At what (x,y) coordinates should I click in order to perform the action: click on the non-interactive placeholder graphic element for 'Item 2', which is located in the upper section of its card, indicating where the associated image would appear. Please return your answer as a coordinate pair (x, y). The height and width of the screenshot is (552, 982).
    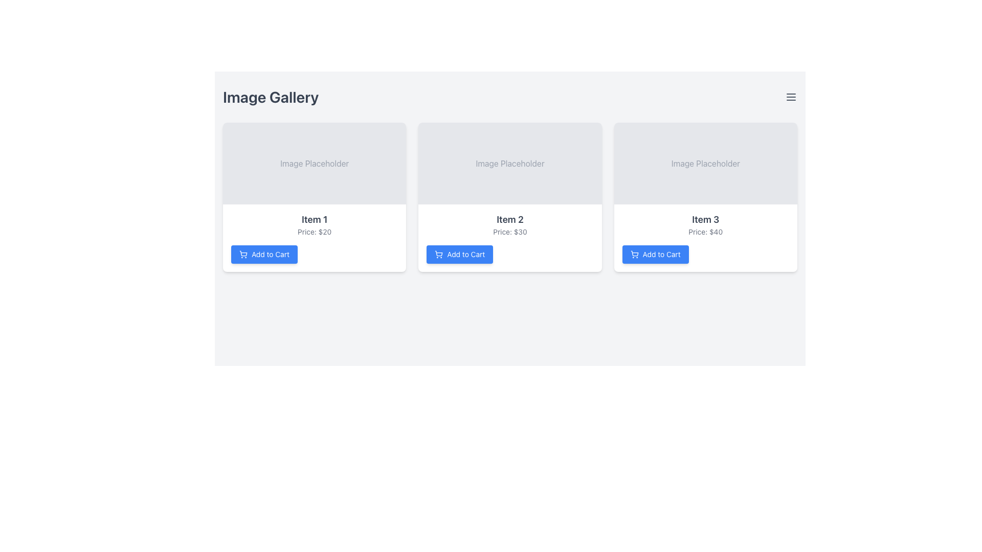
    Looking at the image, I should click on (510, 163).